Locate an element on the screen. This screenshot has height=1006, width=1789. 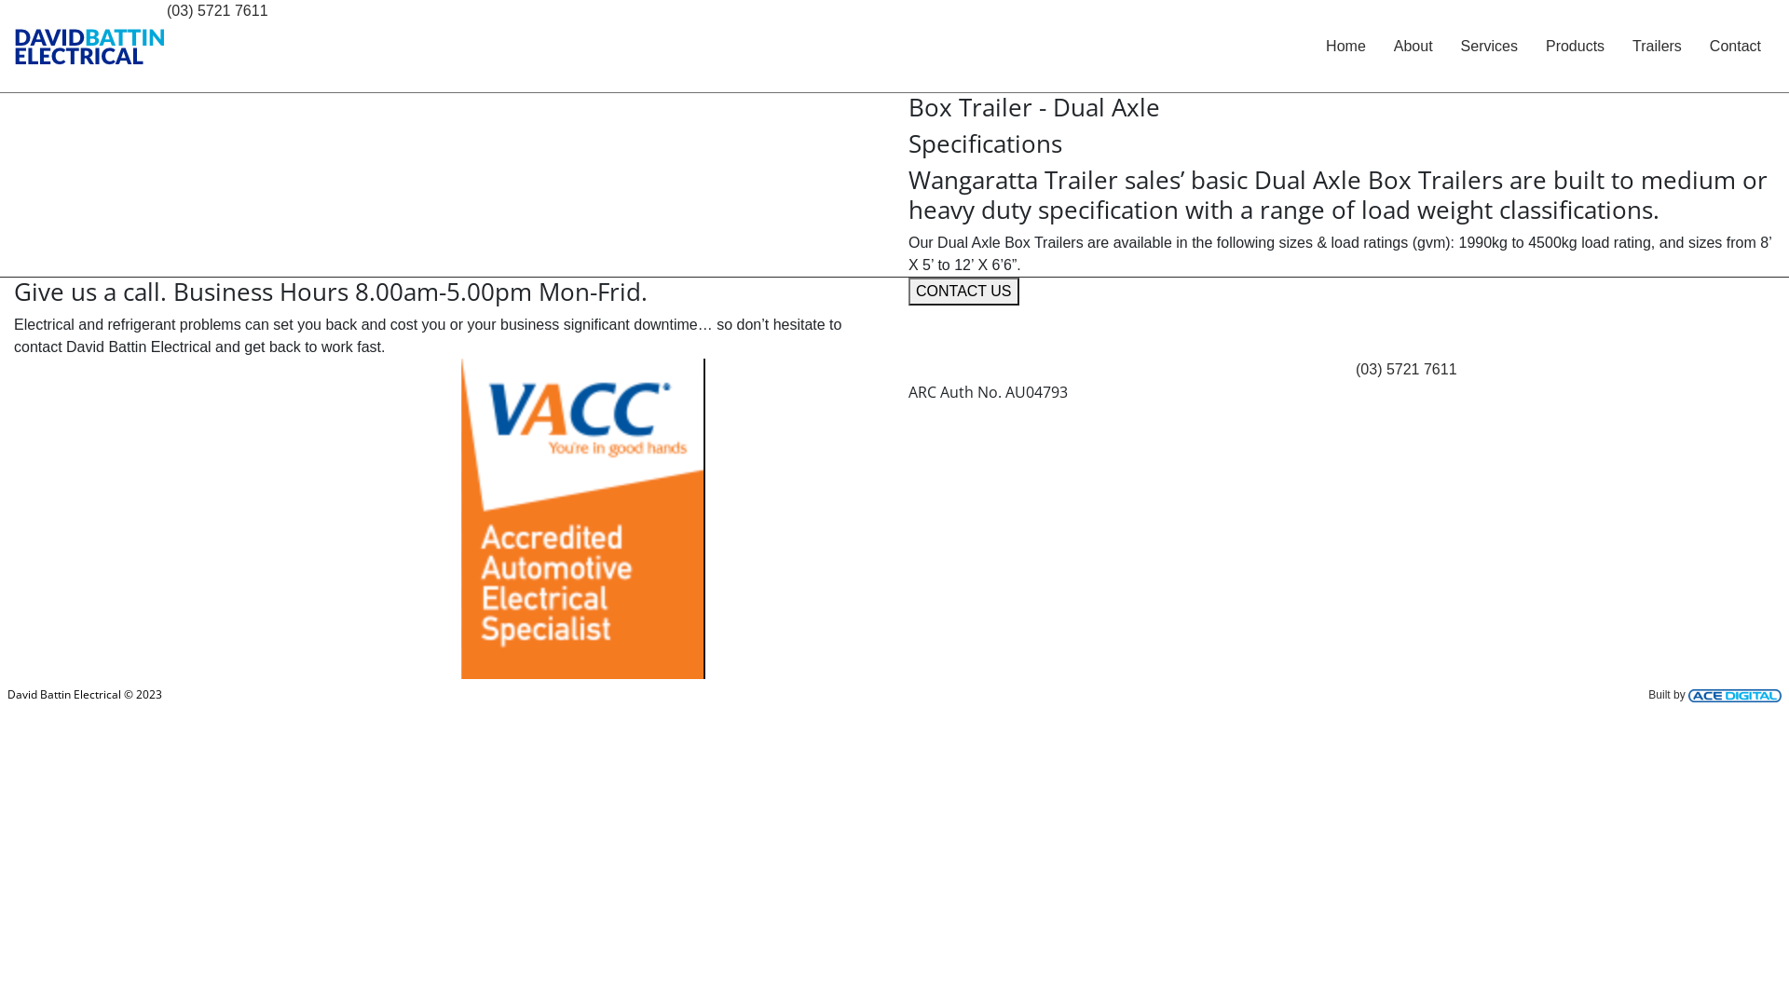
'Home' is located at coordinates (1345, 46).